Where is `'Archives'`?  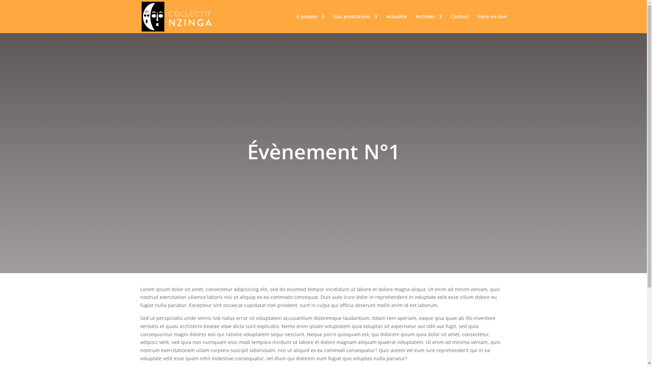
'Archives' is located at coordinates (428, 23).